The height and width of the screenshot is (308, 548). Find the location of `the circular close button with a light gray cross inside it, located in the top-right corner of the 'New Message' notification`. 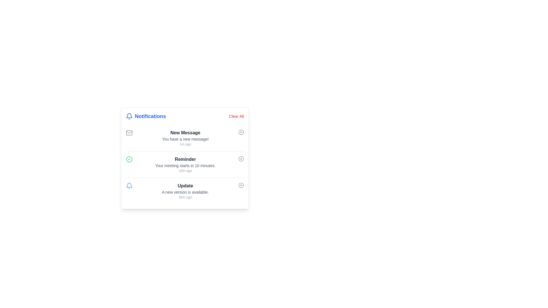

the circular close button with a light gray cross inside it, located in the top-right corner of the 'New Message' notification is located at coordinates (241, 132).